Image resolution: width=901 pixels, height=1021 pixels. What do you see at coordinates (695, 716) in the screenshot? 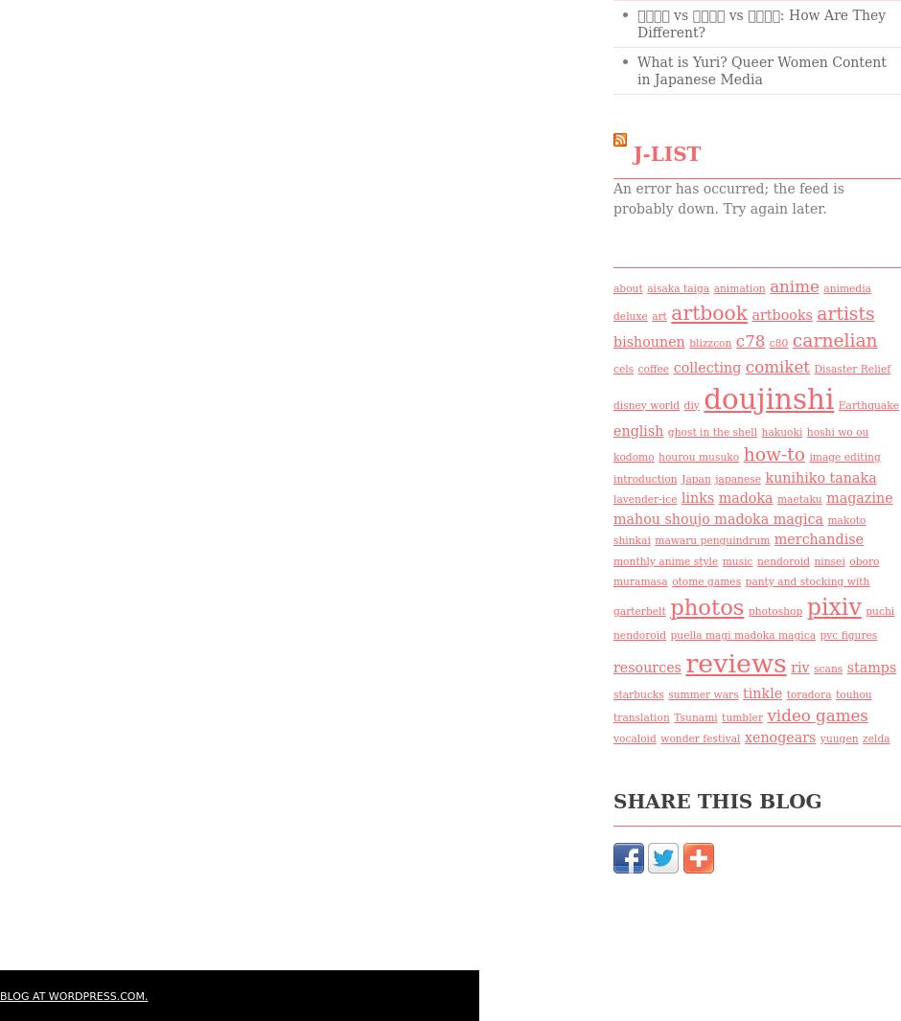
I see `'Tsunami'` at bounding box center [695, 716].